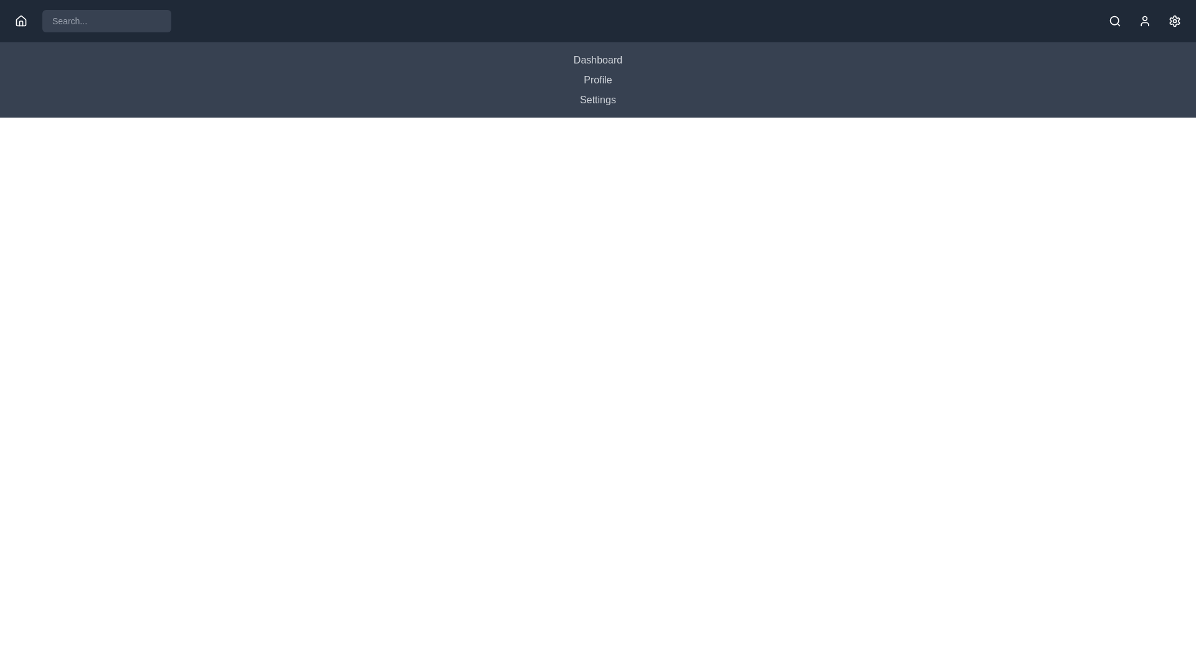  What do you see at coordinates (1115, 21) in the screenshot?
I see `the magnifying glass icon, which is styled as an SVG-based button in the top-right corner of the header bar` at bounding box center [1115, 21].